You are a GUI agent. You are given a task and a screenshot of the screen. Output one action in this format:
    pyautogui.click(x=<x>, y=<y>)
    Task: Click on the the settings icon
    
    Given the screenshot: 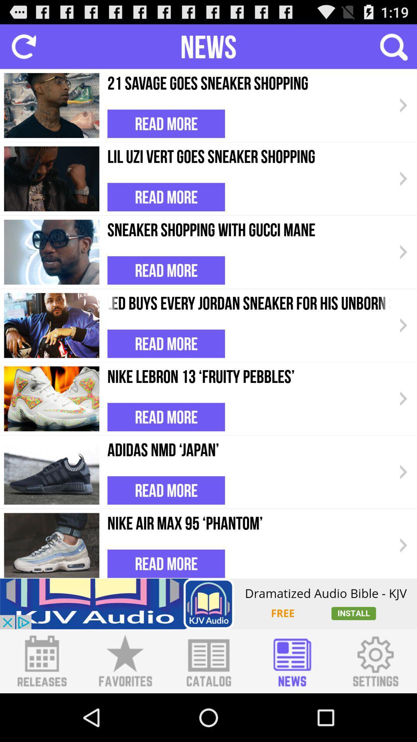 What is the action you would take?
    pyautogui.click(x=375, y=708)
    